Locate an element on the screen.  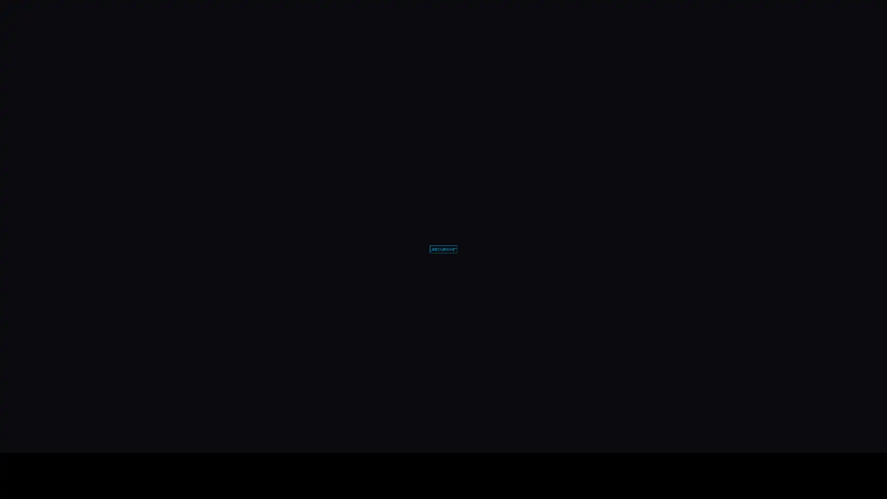
play is located at coordinates (22, 473).